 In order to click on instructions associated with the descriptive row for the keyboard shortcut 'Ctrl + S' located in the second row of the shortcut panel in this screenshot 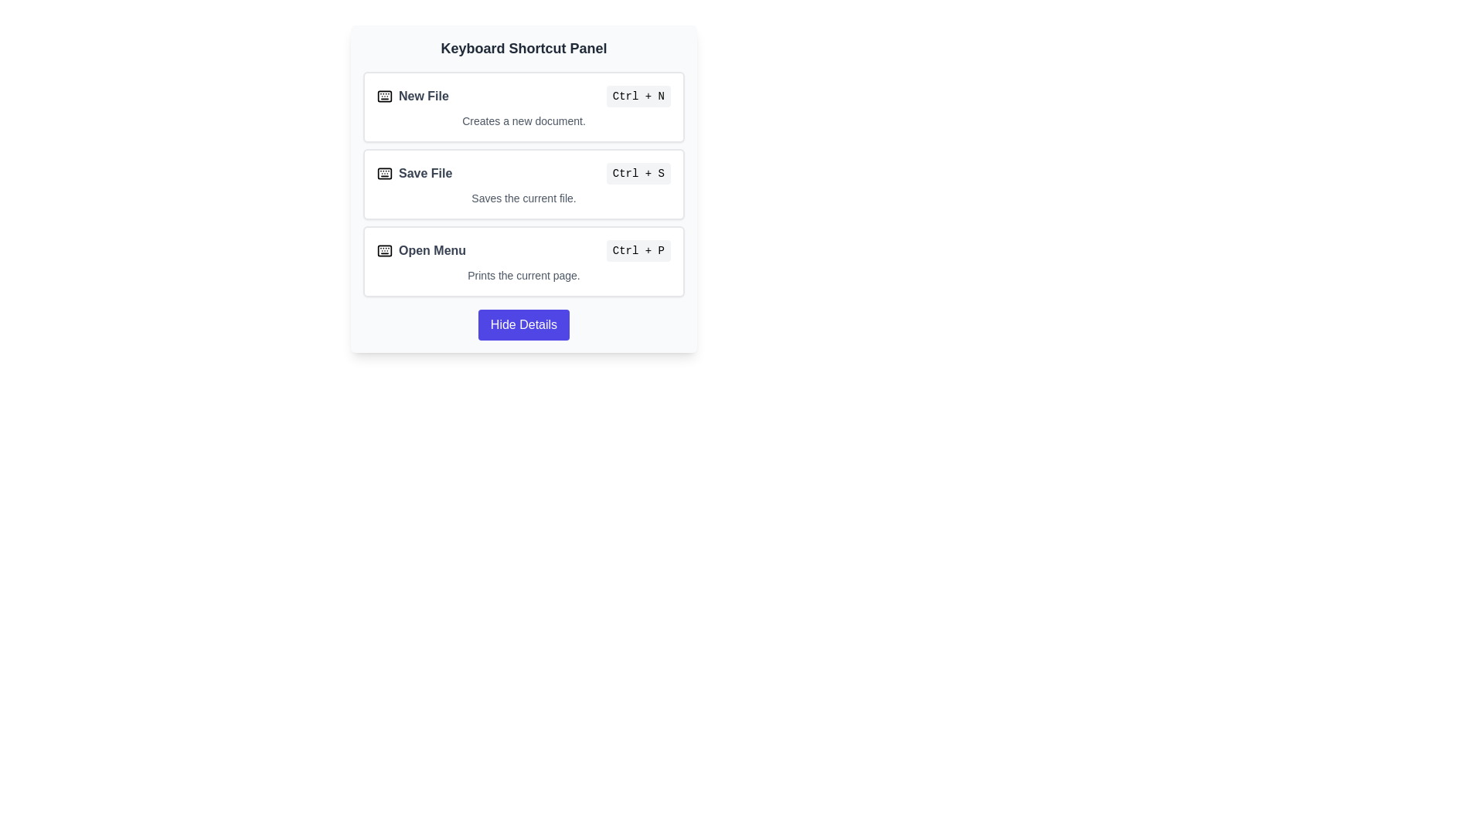, I will do `click(523, 173)`.